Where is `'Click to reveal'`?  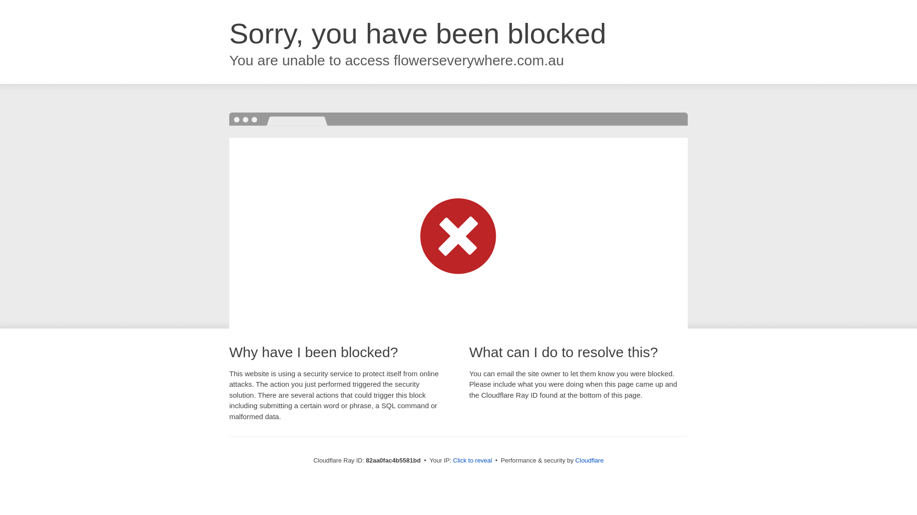
'Click to reveal' is located at coordinates (453, 460).